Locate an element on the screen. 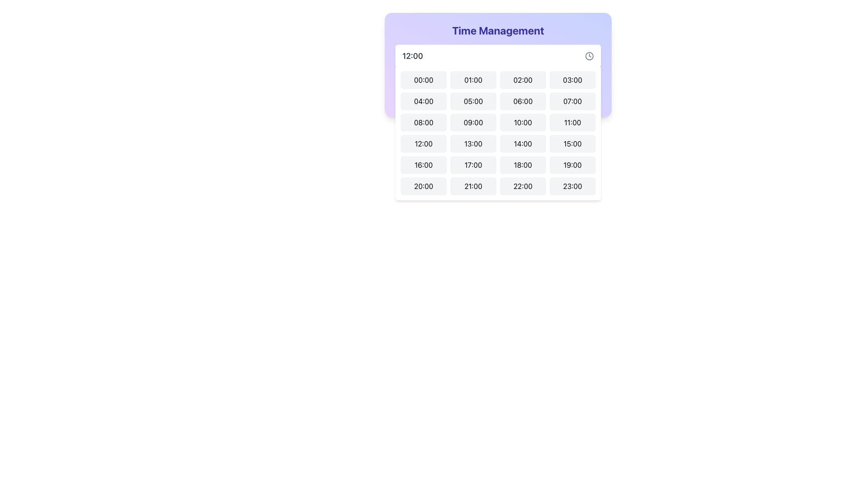 The image size is (851, 478). the rectangular button with rounded corners that has the text '00:00' centered on it is located at coordinates (423, 80).